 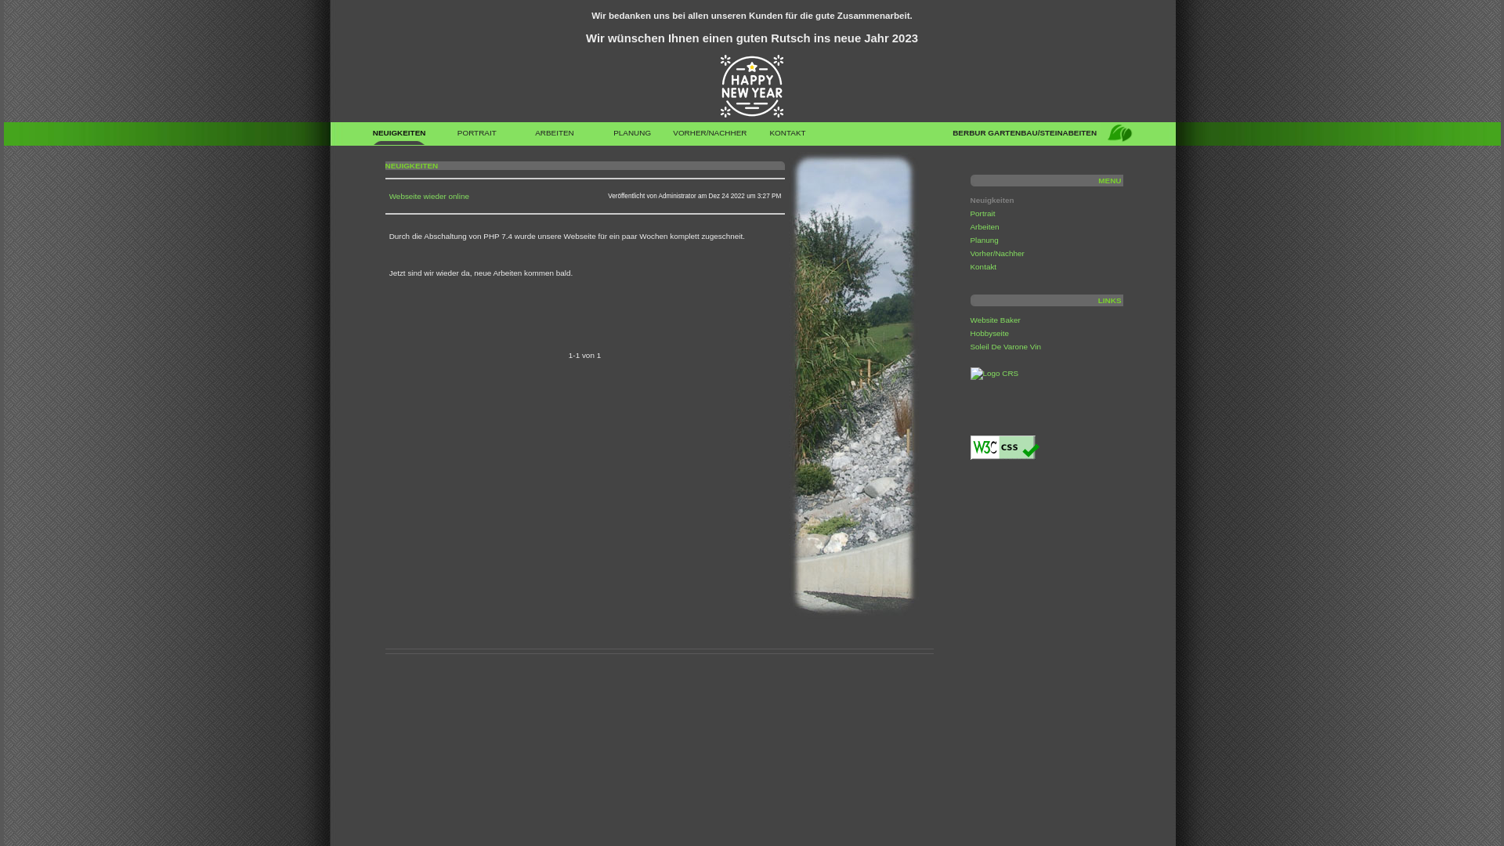 I want to click on 'VORHER/NACHHER', so click(x=709, y=136).